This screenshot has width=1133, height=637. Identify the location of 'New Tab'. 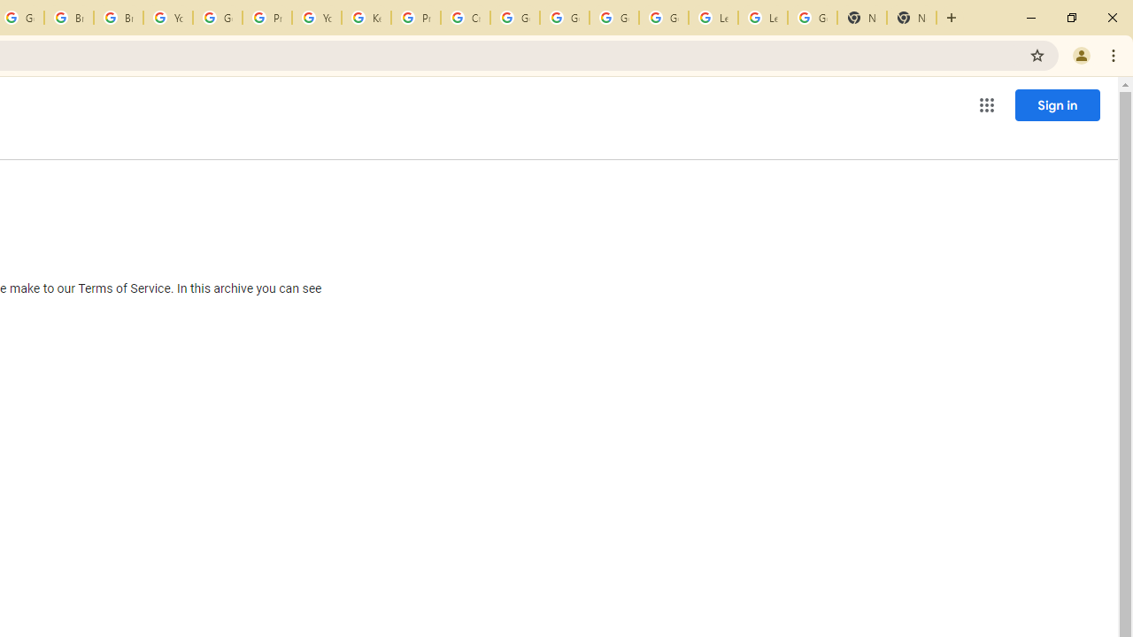
(912, 18).